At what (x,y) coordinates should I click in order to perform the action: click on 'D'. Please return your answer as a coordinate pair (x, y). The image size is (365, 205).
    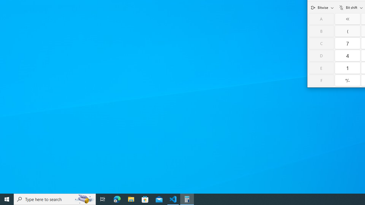
    Looking at the image, I should click on (321, 56).